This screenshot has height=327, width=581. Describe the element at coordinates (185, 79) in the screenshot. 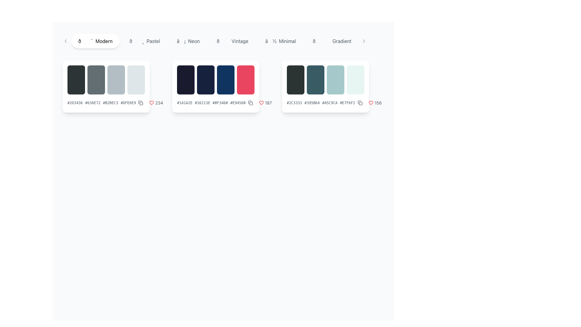

I see `the first visual swatch or palette item, which is a dark navy blue rectangular box with rounded corners, located in the second group of swatches on the page` at that location.